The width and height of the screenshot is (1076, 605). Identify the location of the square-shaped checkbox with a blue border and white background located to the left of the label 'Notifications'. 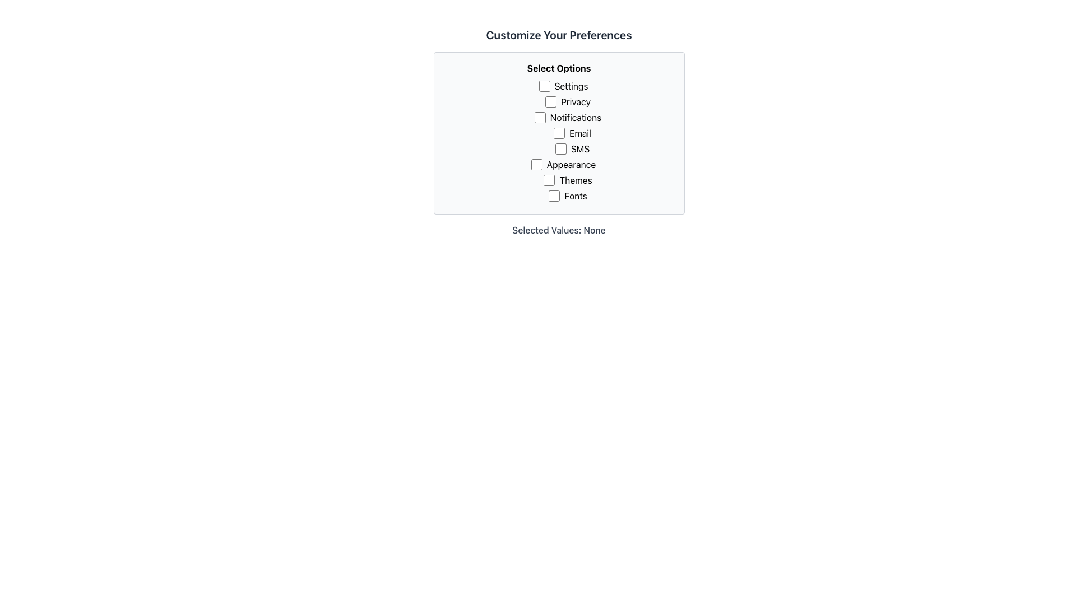
(540, 117).